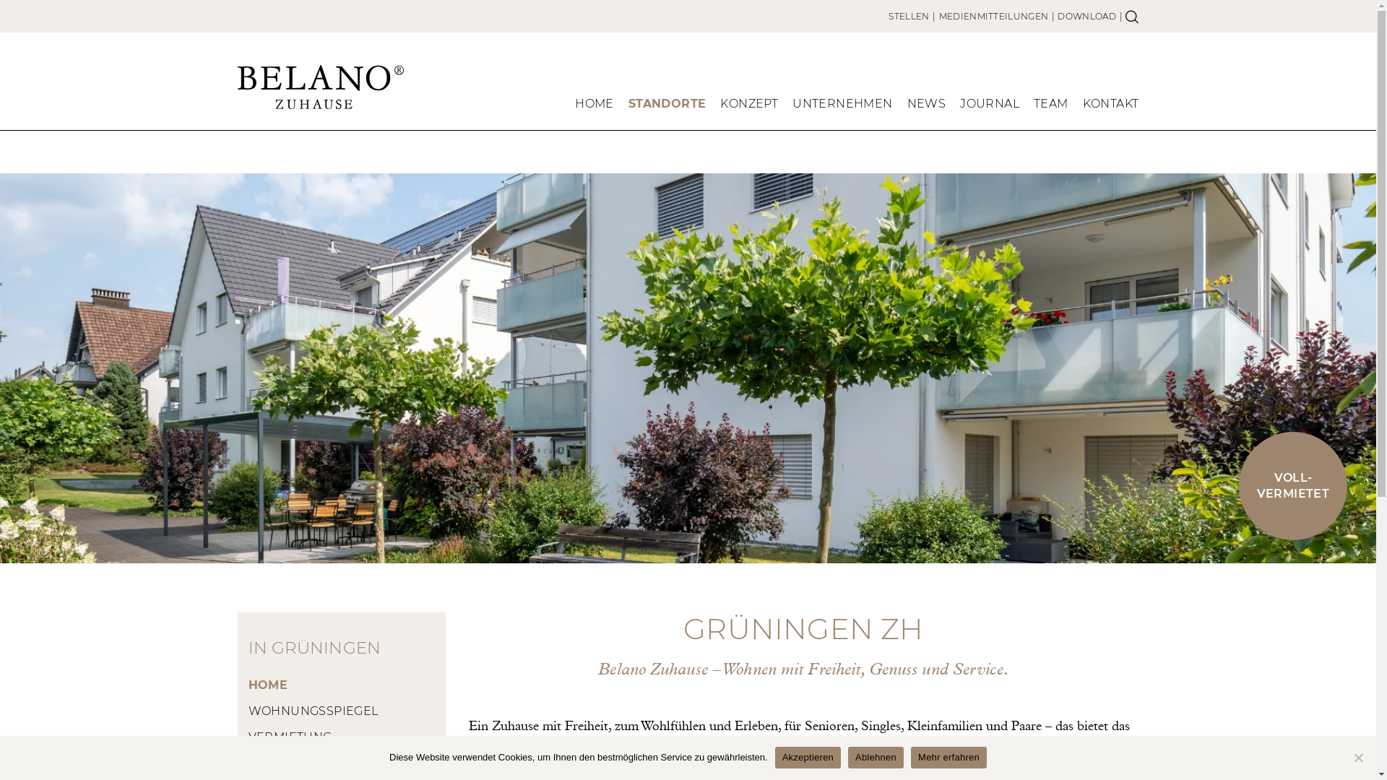 This screenshot has height=780, width=1387. I want to click on 'TEAM', so click(1050, 105).